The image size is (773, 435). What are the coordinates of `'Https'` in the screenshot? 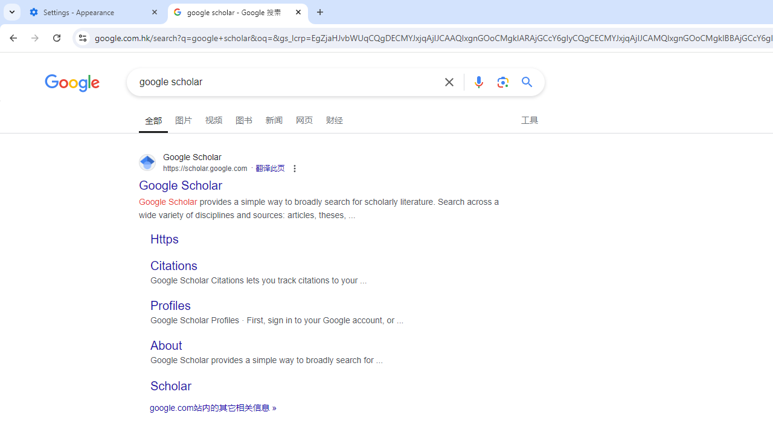 It's located at (164, 239).